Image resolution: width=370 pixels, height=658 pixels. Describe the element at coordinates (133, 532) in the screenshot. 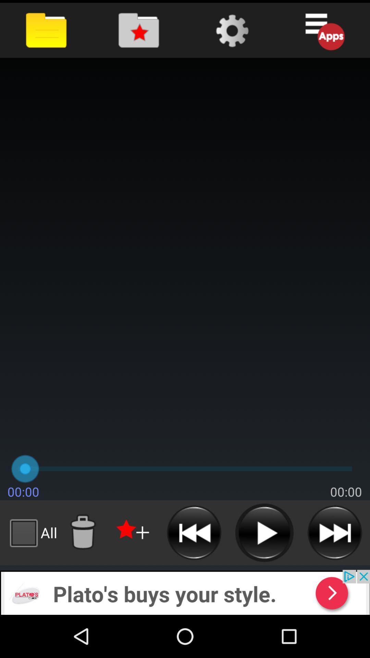

I see `automatic call recording application` at that location.